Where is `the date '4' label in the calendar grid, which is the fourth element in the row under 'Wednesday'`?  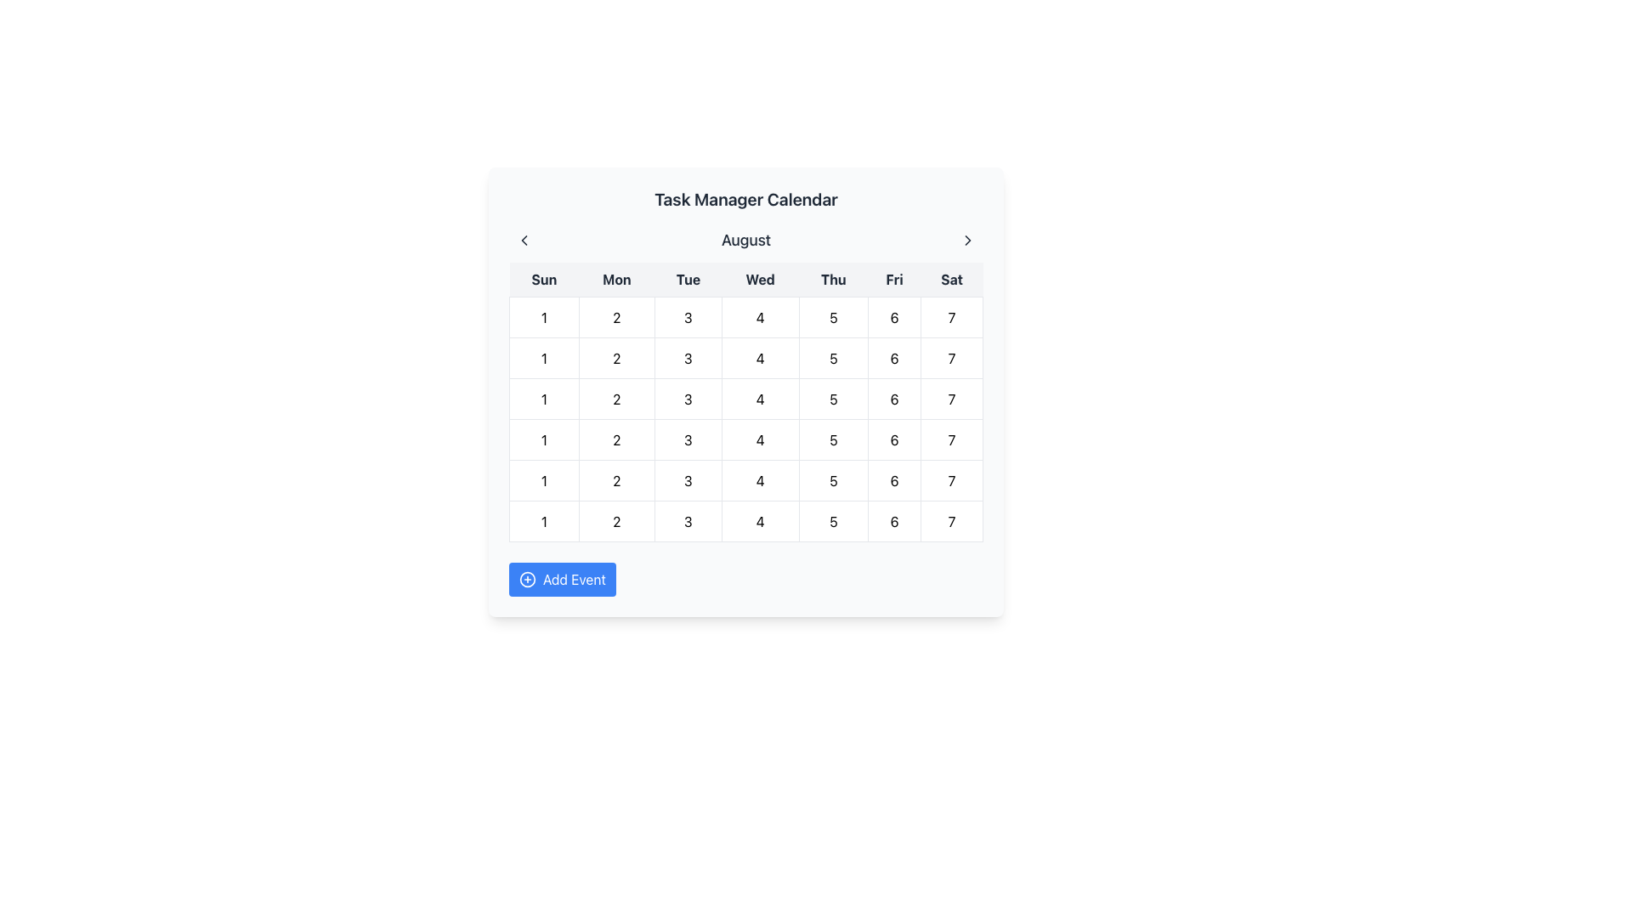 the date '4' label in the calendar grid, which is the fourth element in the row under 'Wednesday' is located at coordinates (759, 439).